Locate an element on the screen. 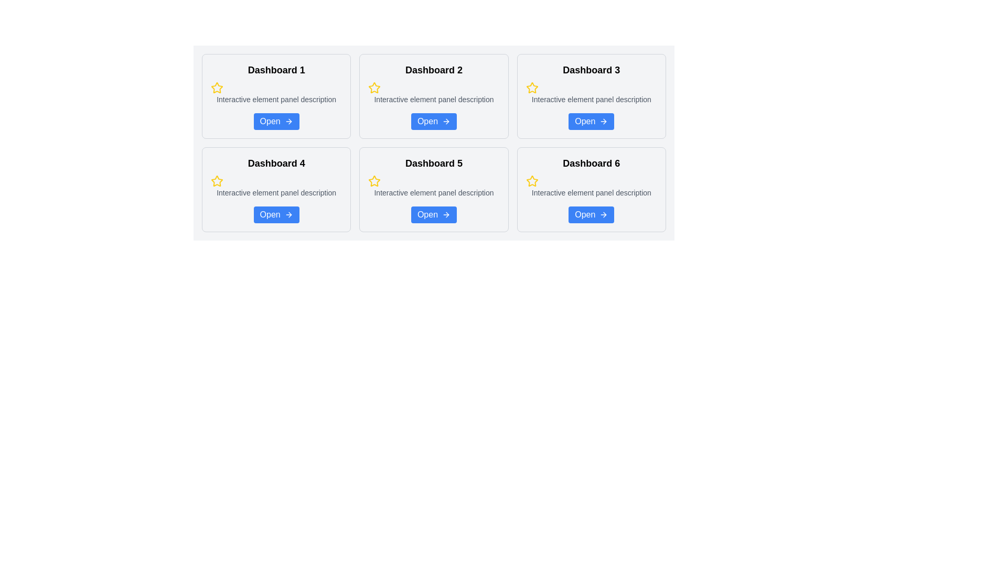 The width and height of the screenshot is (1007, 566). the 'Open' button with a rounded, blue background located on the first card of the grid layout in 'Dashboard 1' is located at coordinates (276, 121).